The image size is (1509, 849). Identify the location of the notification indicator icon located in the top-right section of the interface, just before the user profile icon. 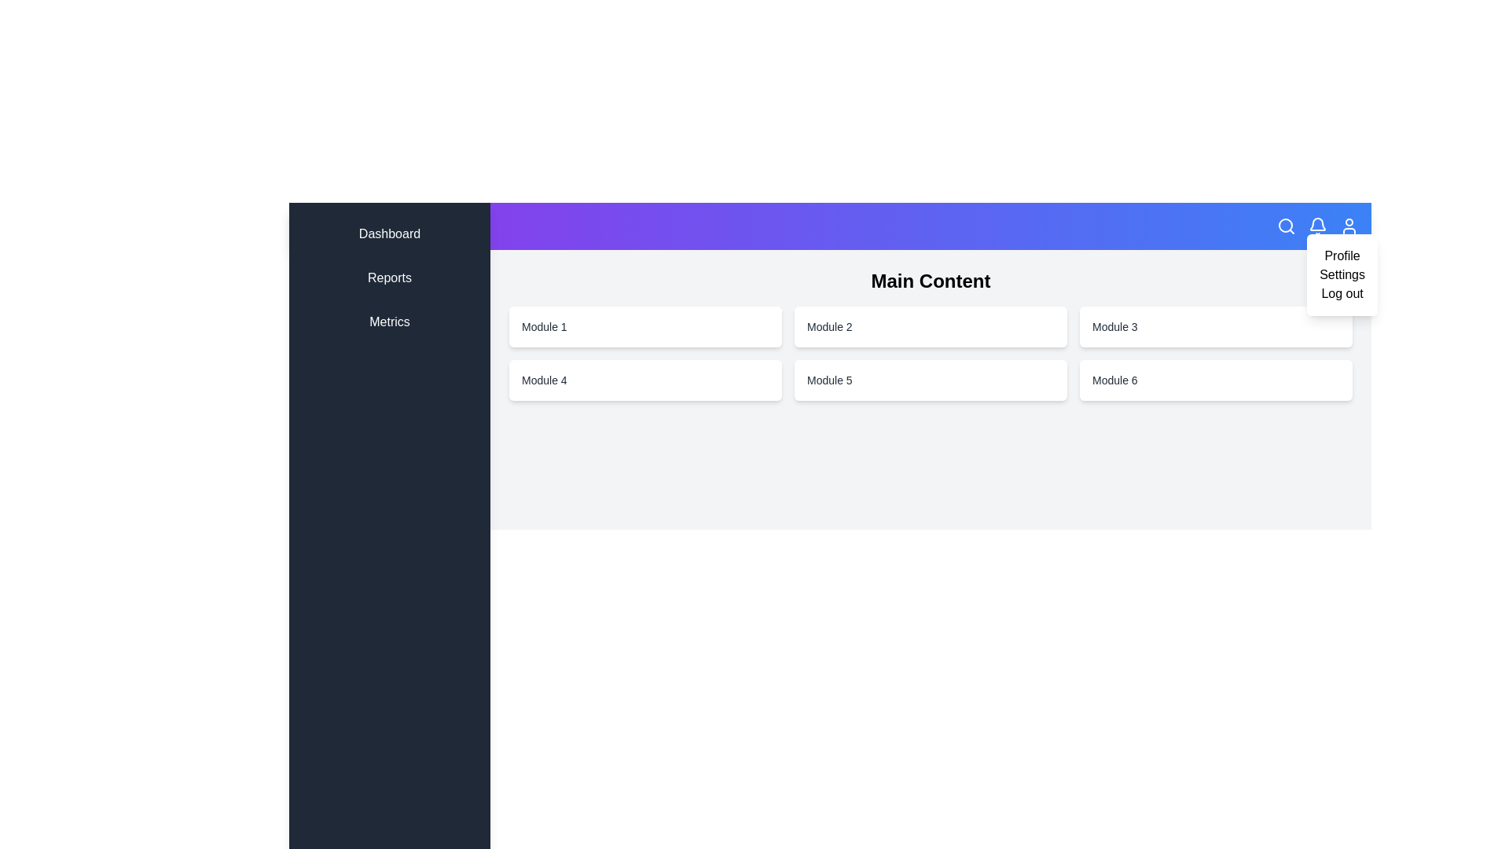
(1317, 224).